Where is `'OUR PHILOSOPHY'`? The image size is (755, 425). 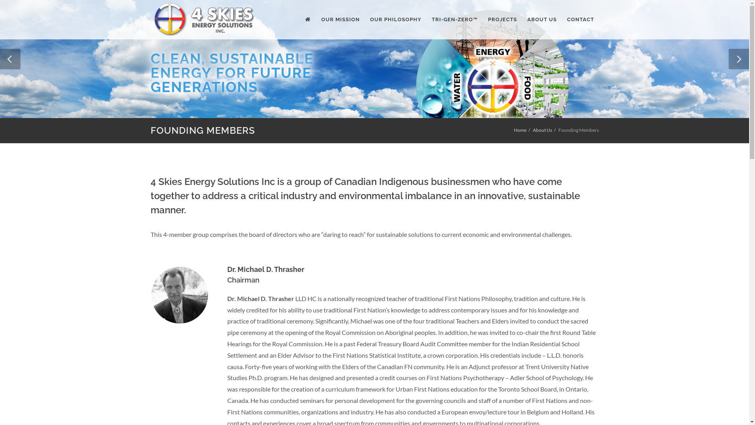 'OUR PHILOSOPHY' is located at coordinates (364, 19).